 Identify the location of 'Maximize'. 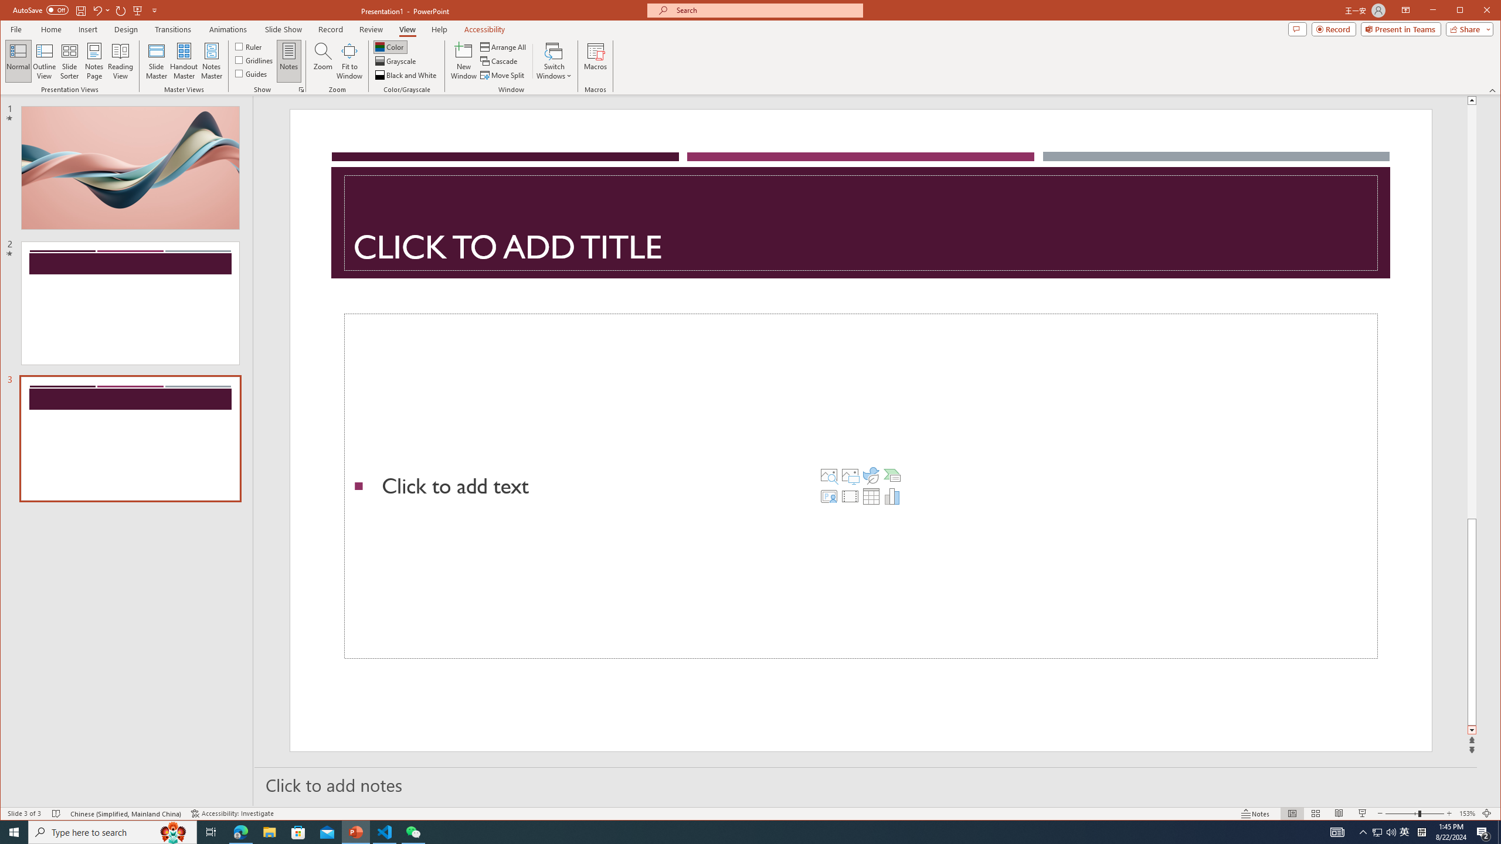
(1477, 11).